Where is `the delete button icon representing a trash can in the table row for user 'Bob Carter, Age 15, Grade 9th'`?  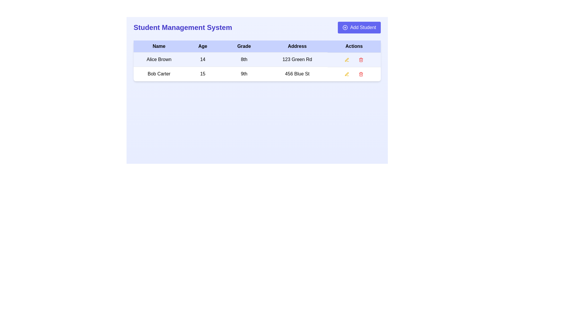
the delete button icon representing a trash can in the table row for user 'Bob Carter, Age 15, Grade 9th' is located at coordinates (361, 74).